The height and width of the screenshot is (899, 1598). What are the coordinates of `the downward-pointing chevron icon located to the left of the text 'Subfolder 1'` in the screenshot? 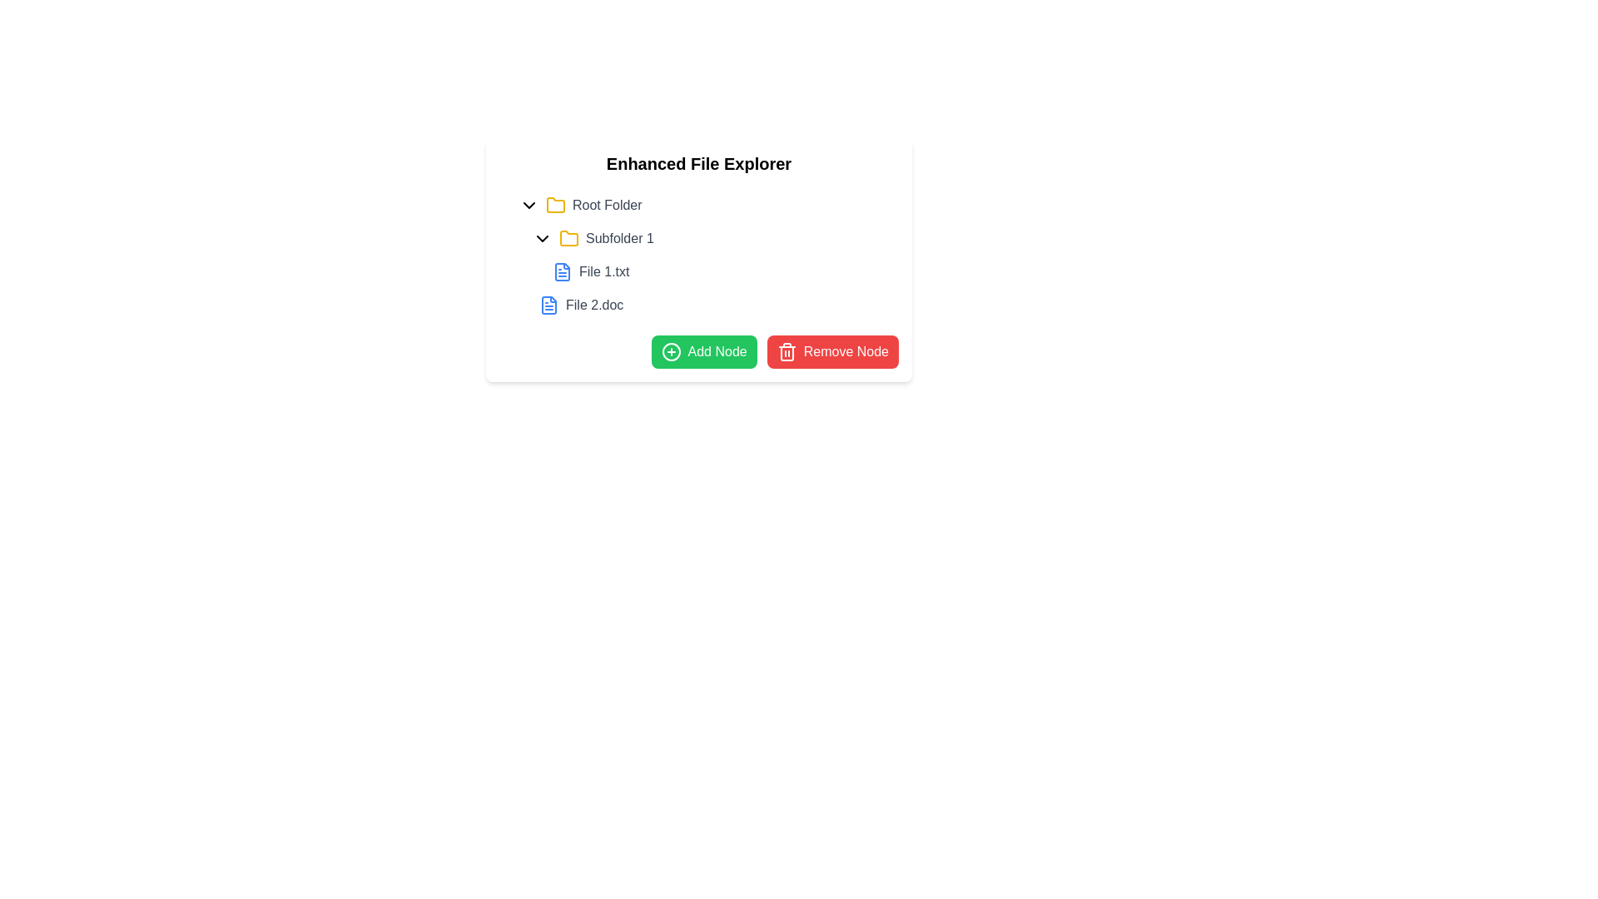 It's located at (543, 238).